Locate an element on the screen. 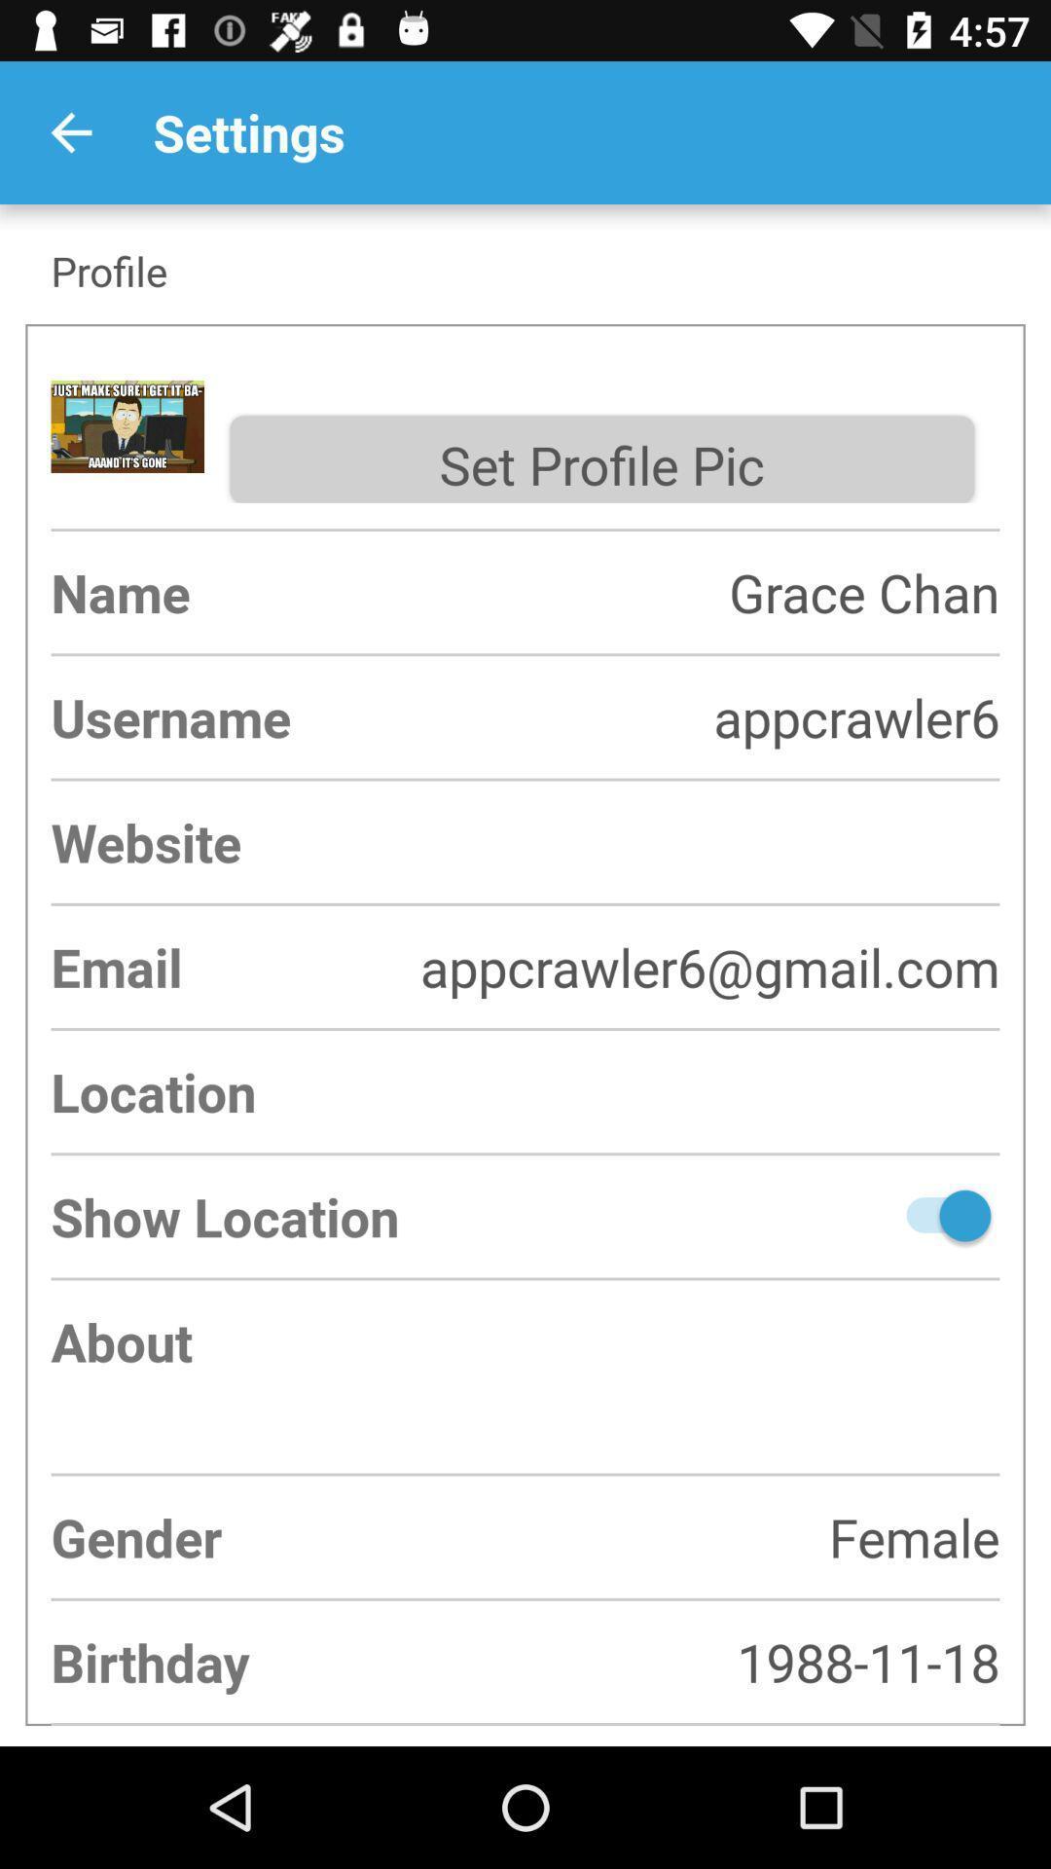  the set profile pic item is located at coordinates (600, 458).